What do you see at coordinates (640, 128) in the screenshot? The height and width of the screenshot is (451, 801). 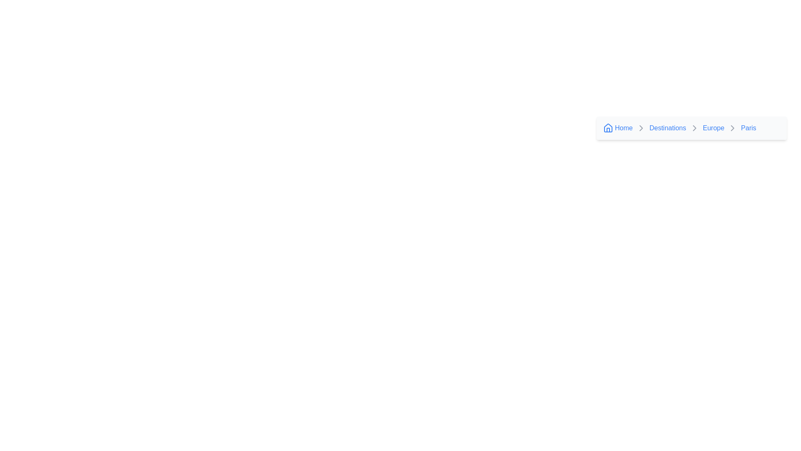 I see `the Navigational icon (Chevron-Right) which is a small chevron-shaped arrow pointing to the right, located between 'Europe' and 'Paris' in the breadcrumb navigation bar` at bounding box center [640, 128].